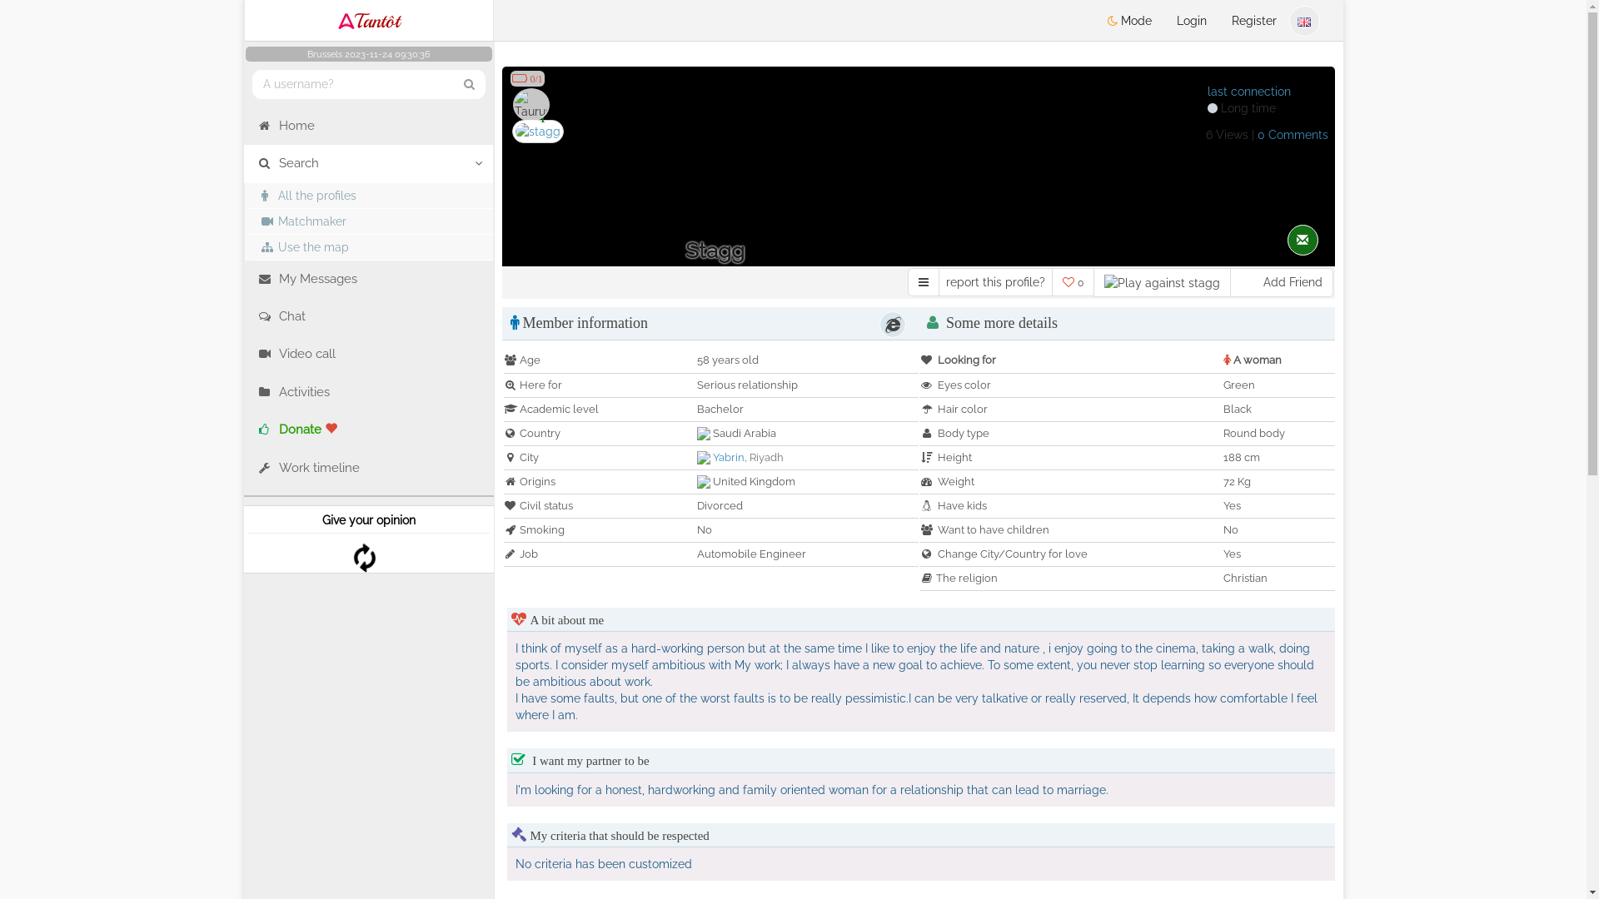 This screenshot has height=899, width=1599. I want to click on 'Register', so click(1254, 20).